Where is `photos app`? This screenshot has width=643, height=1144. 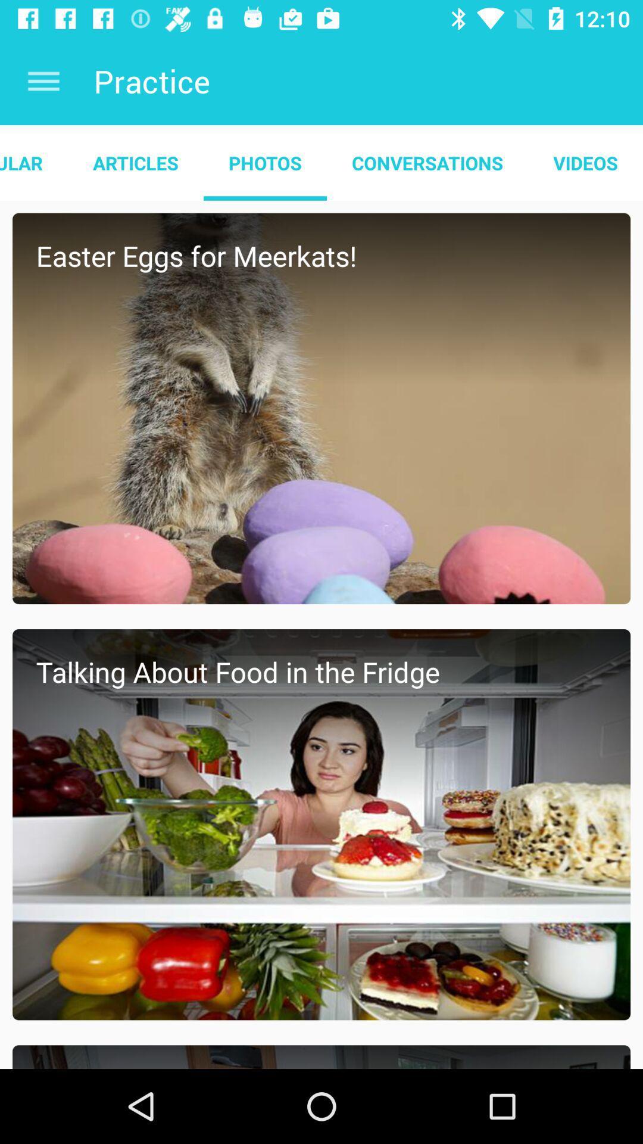 photos app is located at coordinates (264, 162).